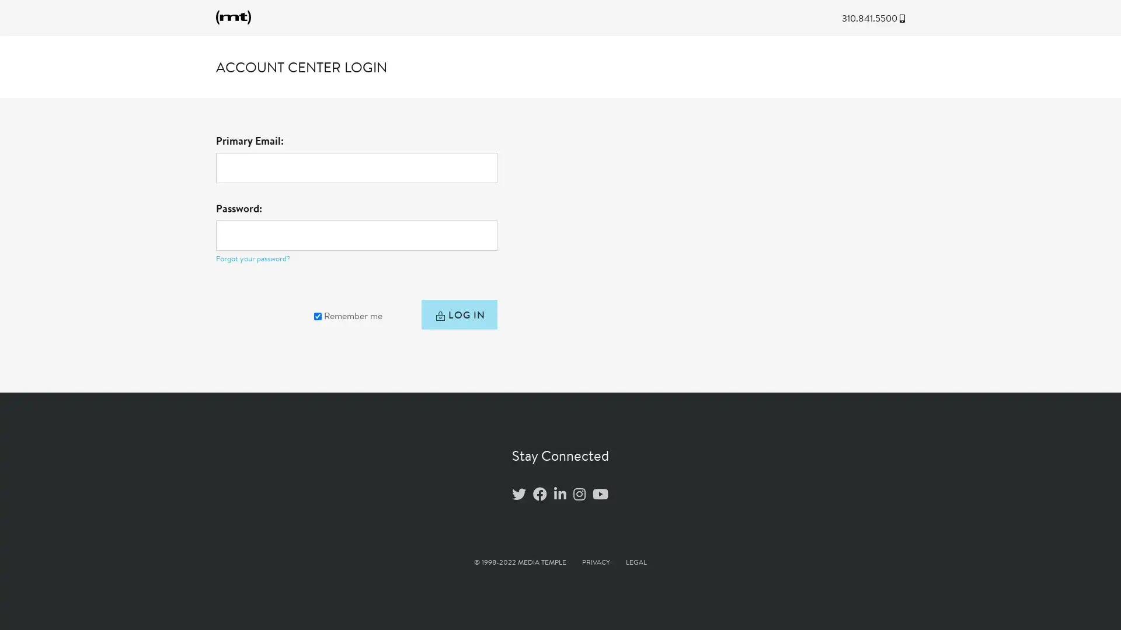  Describe the element at coordinates (457, 317) in the screenshot. I see `LOG IN` at that location.